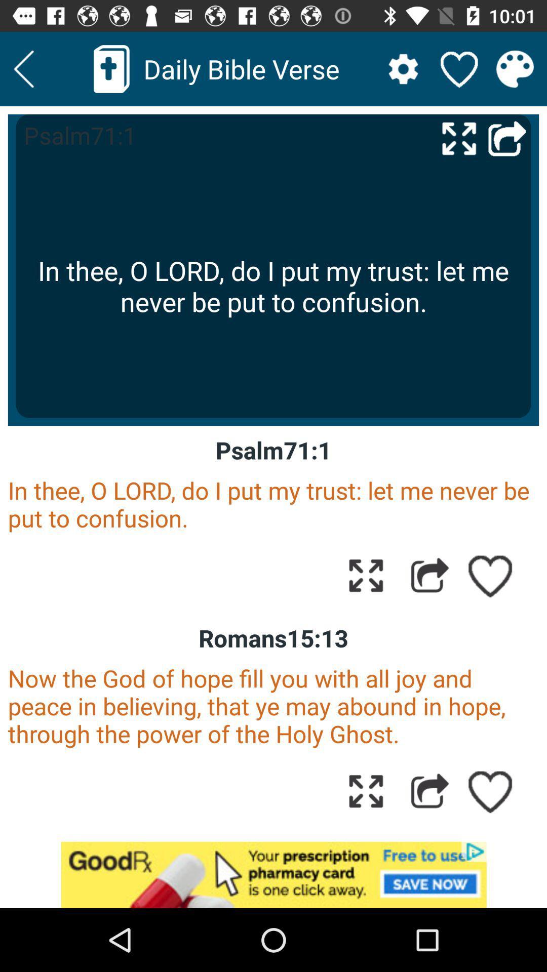 Image resolution: width=547 pixels, height=972 pixels. I want to click on settin pega, so click(403, 68).